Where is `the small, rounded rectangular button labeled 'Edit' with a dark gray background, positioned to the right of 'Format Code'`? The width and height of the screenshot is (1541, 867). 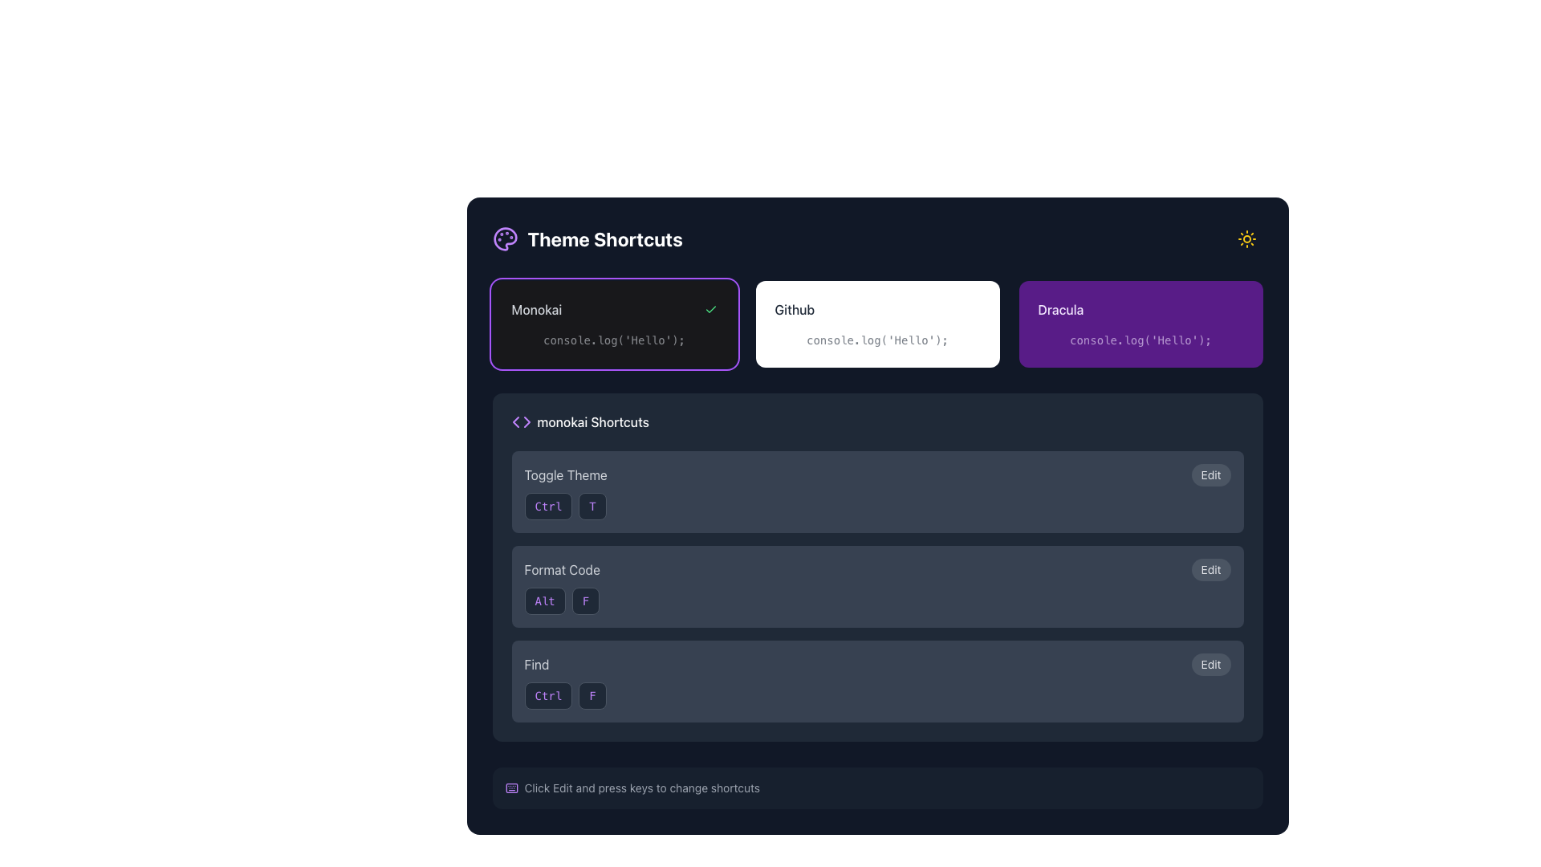
the small, rounded rectangular button labeled 'Edit' with a dark gray background, positioned to the right of 'Format Code' is located at coordinates (1211, 568).